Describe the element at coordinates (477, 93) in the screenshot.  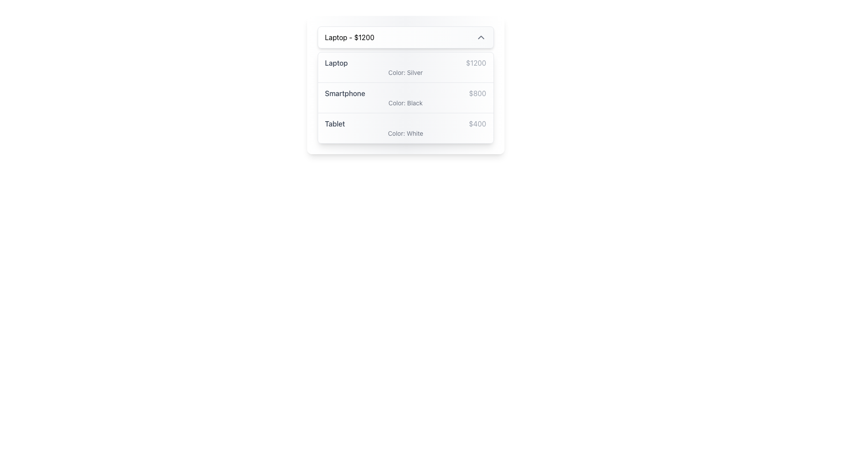
I see `the text label displaying '$800', which is styled in gray and located at the end of the row containing the 'Smartphone' label, at the bottom of the product information group` at that location.